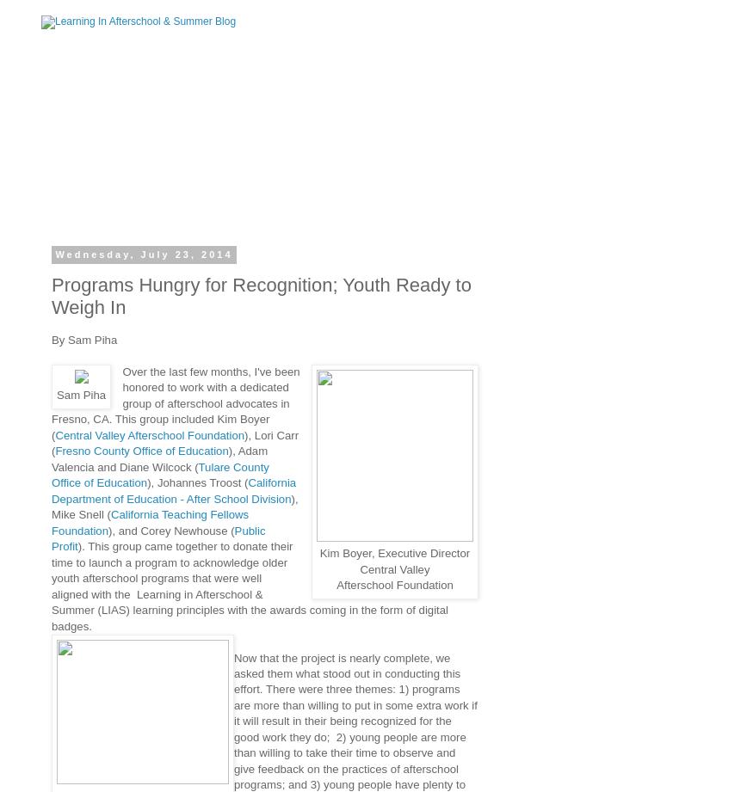 The image size is (747, 792). What do you see at coordinates (175, 402) in the screenshot?
I see `'Over the last few months, I've been honored to work with a dedicated group of afterschool advocates in Fresno, CA. This group included Kim Boyer ('` at bounding box center [175, 402].